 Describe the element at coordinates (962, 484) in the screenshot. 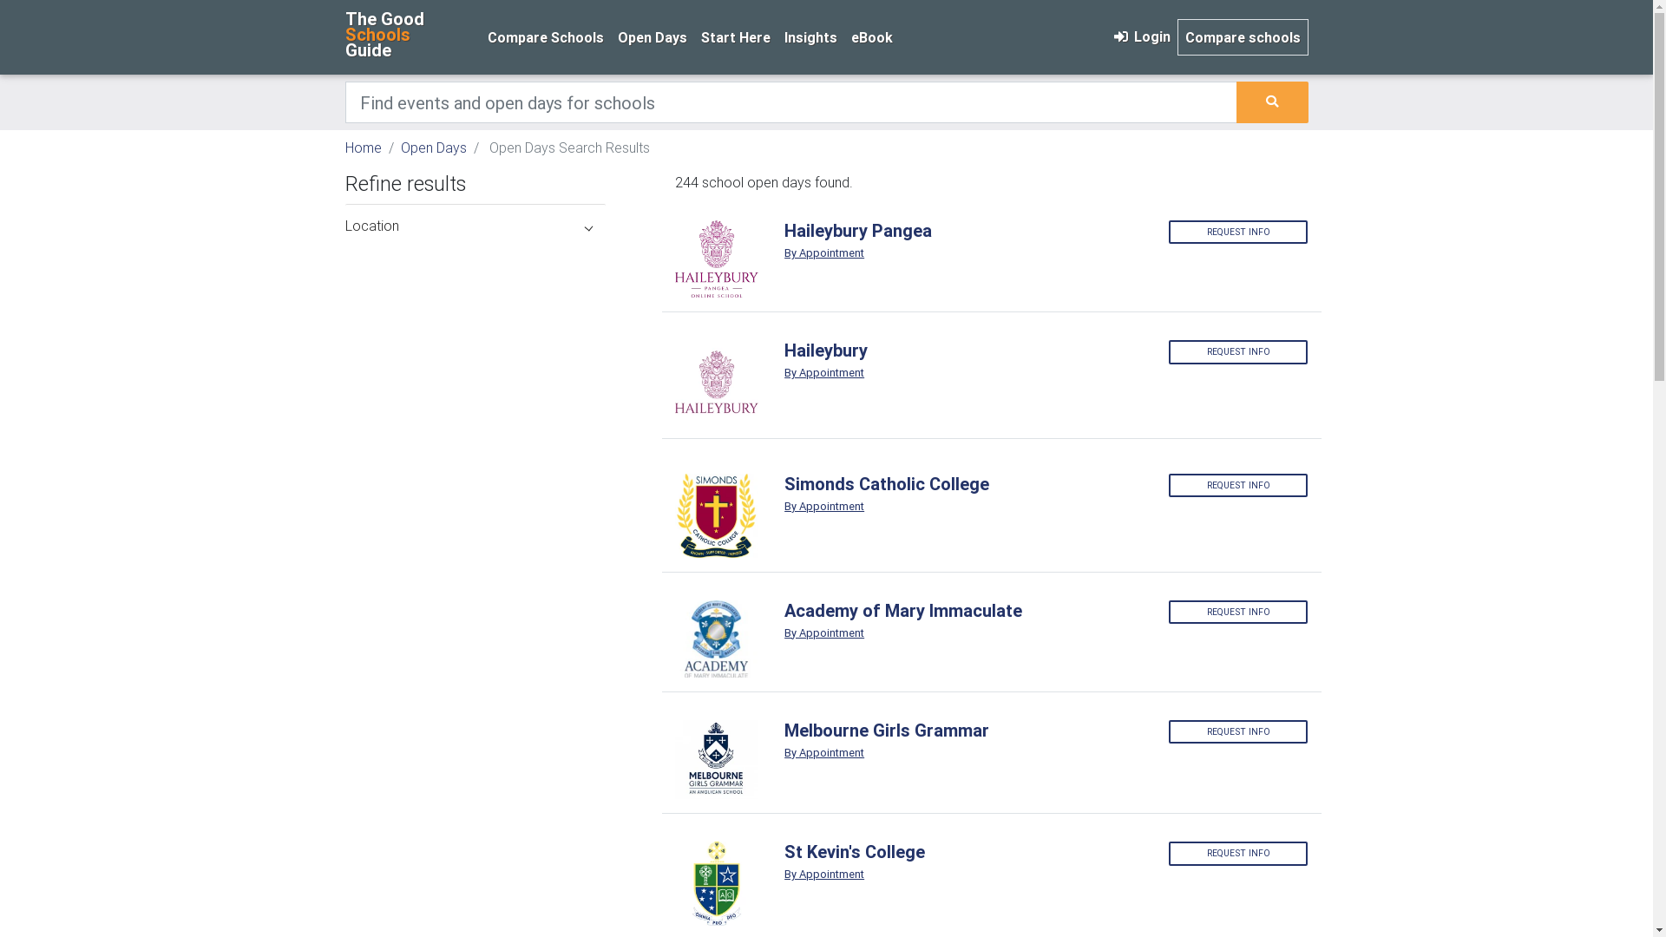

I see `'Simonds Catholic College'` at that location.